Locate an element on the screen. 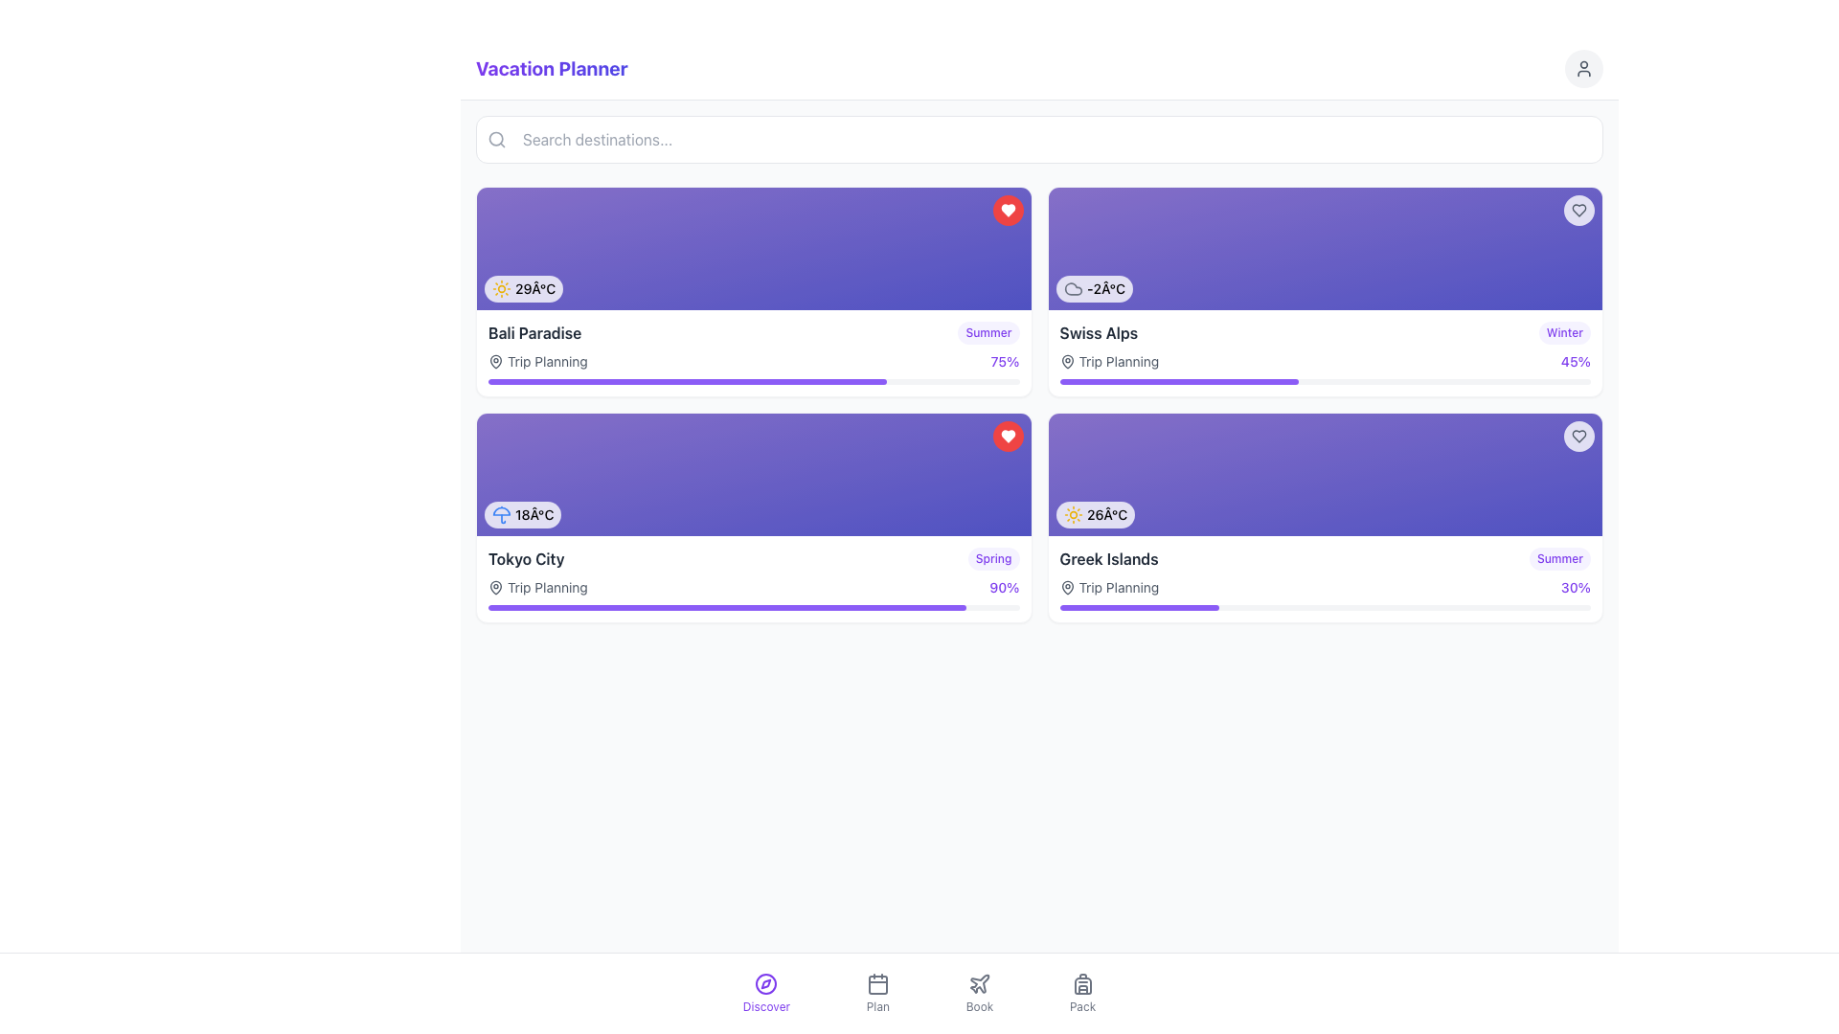 This screenshot has width=1839, height=1034. displayed temperature information from the Text label showing '26°C' on the 'Greek Islands' destination card, located in the bottom-right block of the grid layout is located at coordinates (1106, 513).